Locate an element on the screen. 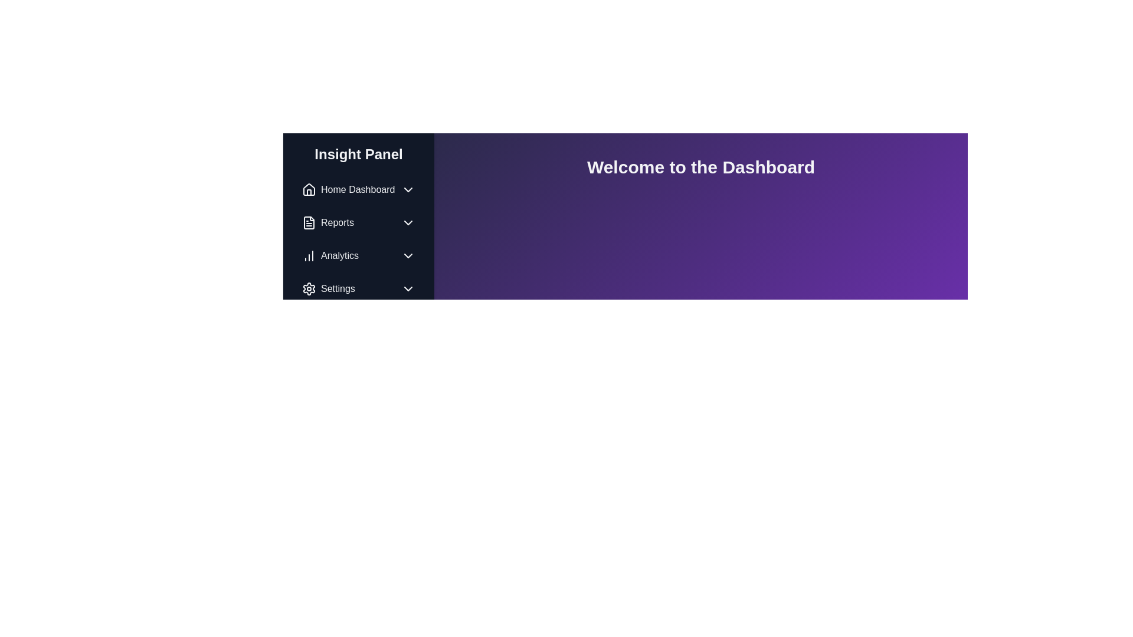  the first item in the vertical list of the left-hand navigation panel is located at coordinates (358, 189).